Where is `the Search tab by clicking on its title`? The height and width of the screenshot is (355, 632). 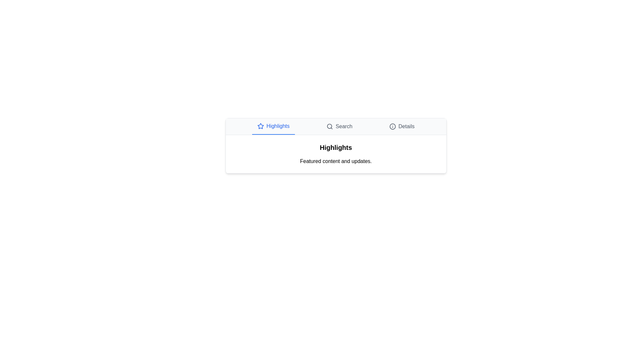 the Search tab by clicking on its title is located at coordinates (339, 127).